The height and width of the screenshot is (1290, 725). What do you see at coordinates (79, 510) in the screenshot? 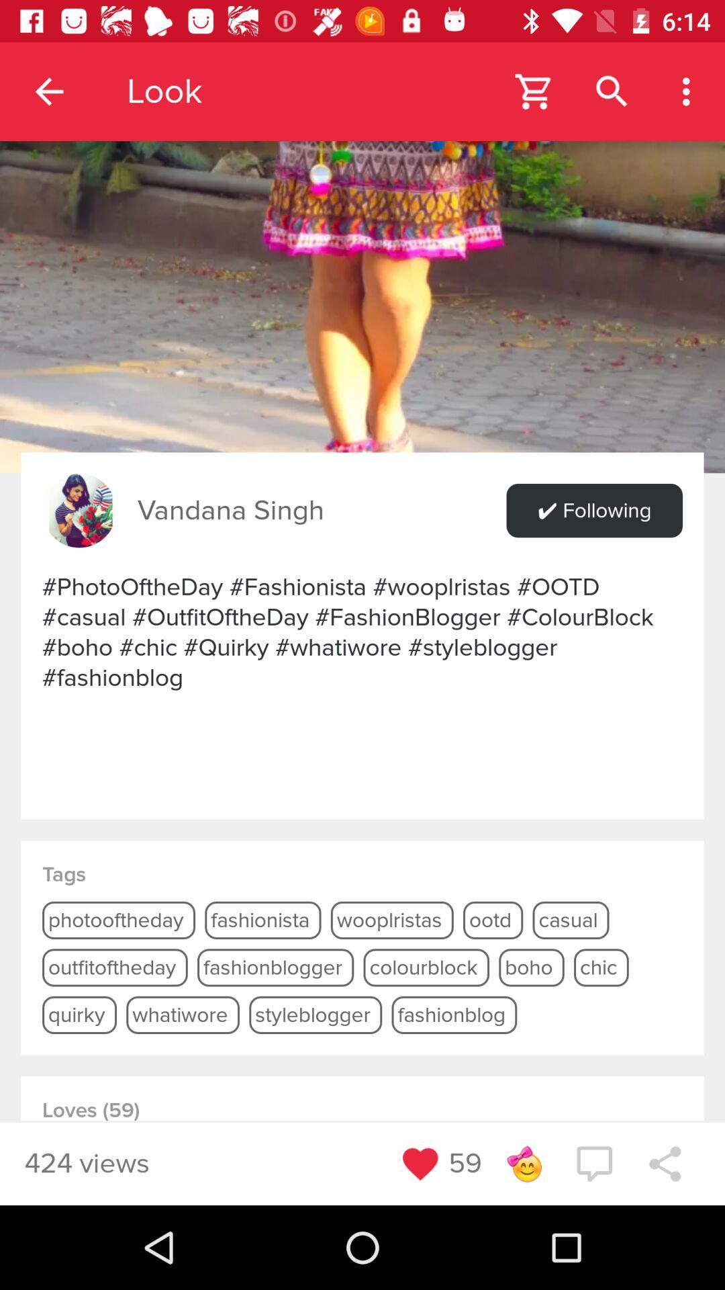
I see `profile` at bounding box center [79, 510].